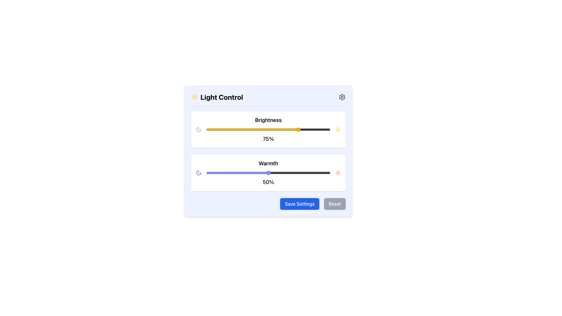  Describe the element at coordinates (225, 172) in the screenshot. I see `the warmth level` at that location.